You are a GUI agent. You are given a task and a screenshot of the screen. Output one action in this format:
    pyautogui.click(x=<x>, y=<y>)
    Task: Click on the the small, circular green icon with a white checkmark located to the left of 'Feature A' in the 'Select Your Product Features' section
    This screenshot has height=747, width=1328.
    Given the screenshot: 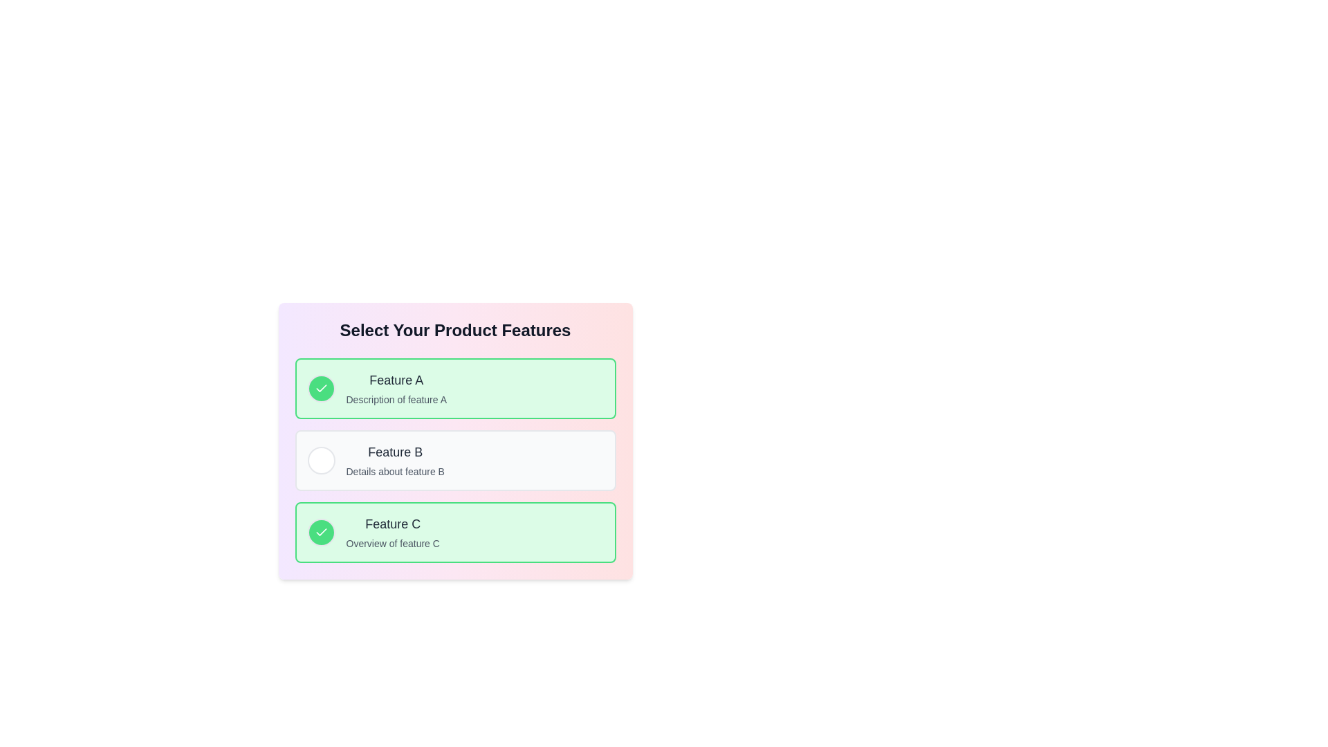 What is the action you would take?
    pyautogui.click(x=320, y=532)
    